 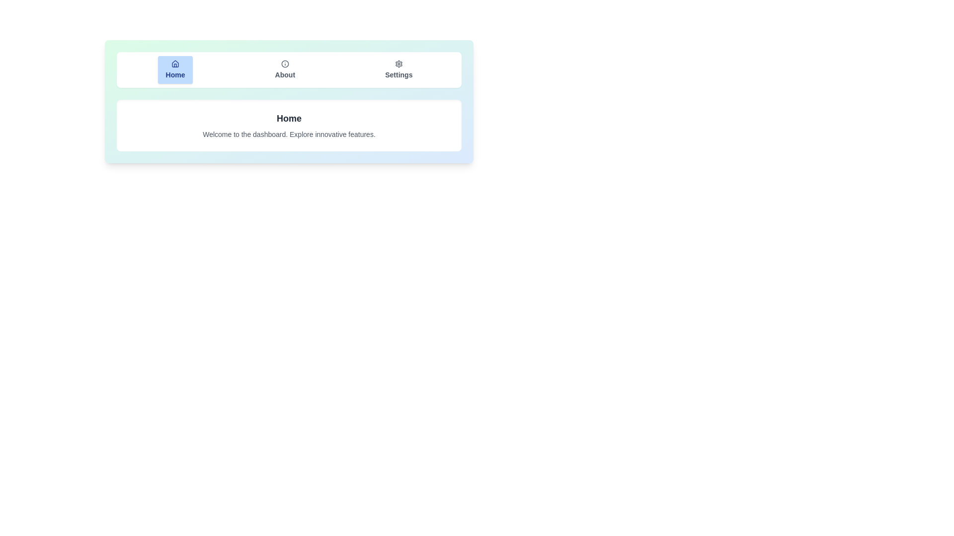 What do you see at coordinates (398, 69) in the screenshot?
I see `the 'Settings' tab button to switch to the settings view` at bounding box center [398, 69].